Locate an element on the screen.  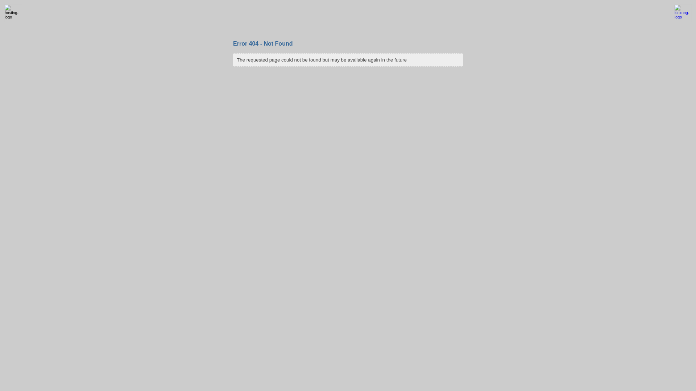
'KloxoNG website' is located at coordinates (670, 20).